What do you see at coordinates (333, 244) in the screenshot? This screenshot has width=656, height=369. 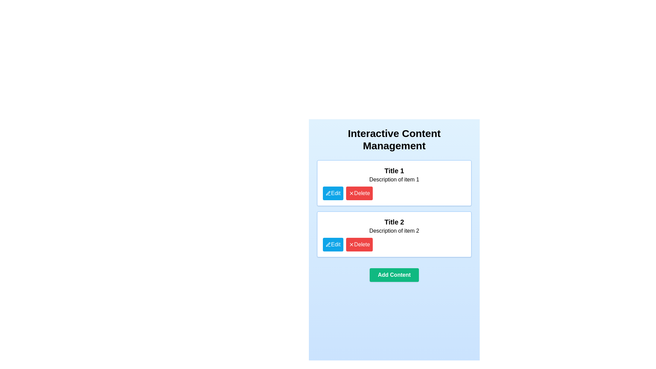 I see `the blue rectangular 'Edit' button with rounded corners and a pen icon located in the top-left corner of the 'Title 2 Description of item 2' block` at bounding box center [333, 244].